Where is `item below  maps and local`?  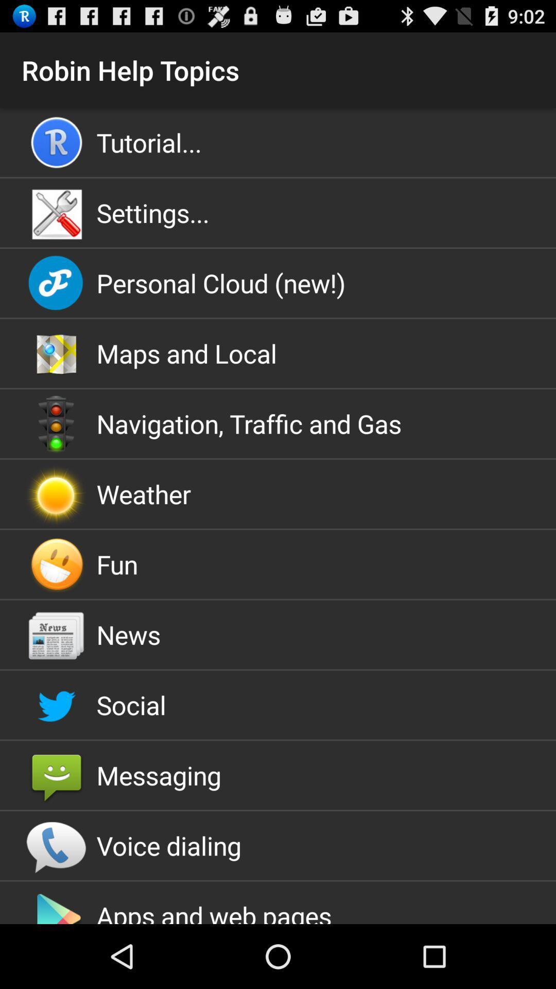
item below  maps and local is located at coordinates (278, 423).